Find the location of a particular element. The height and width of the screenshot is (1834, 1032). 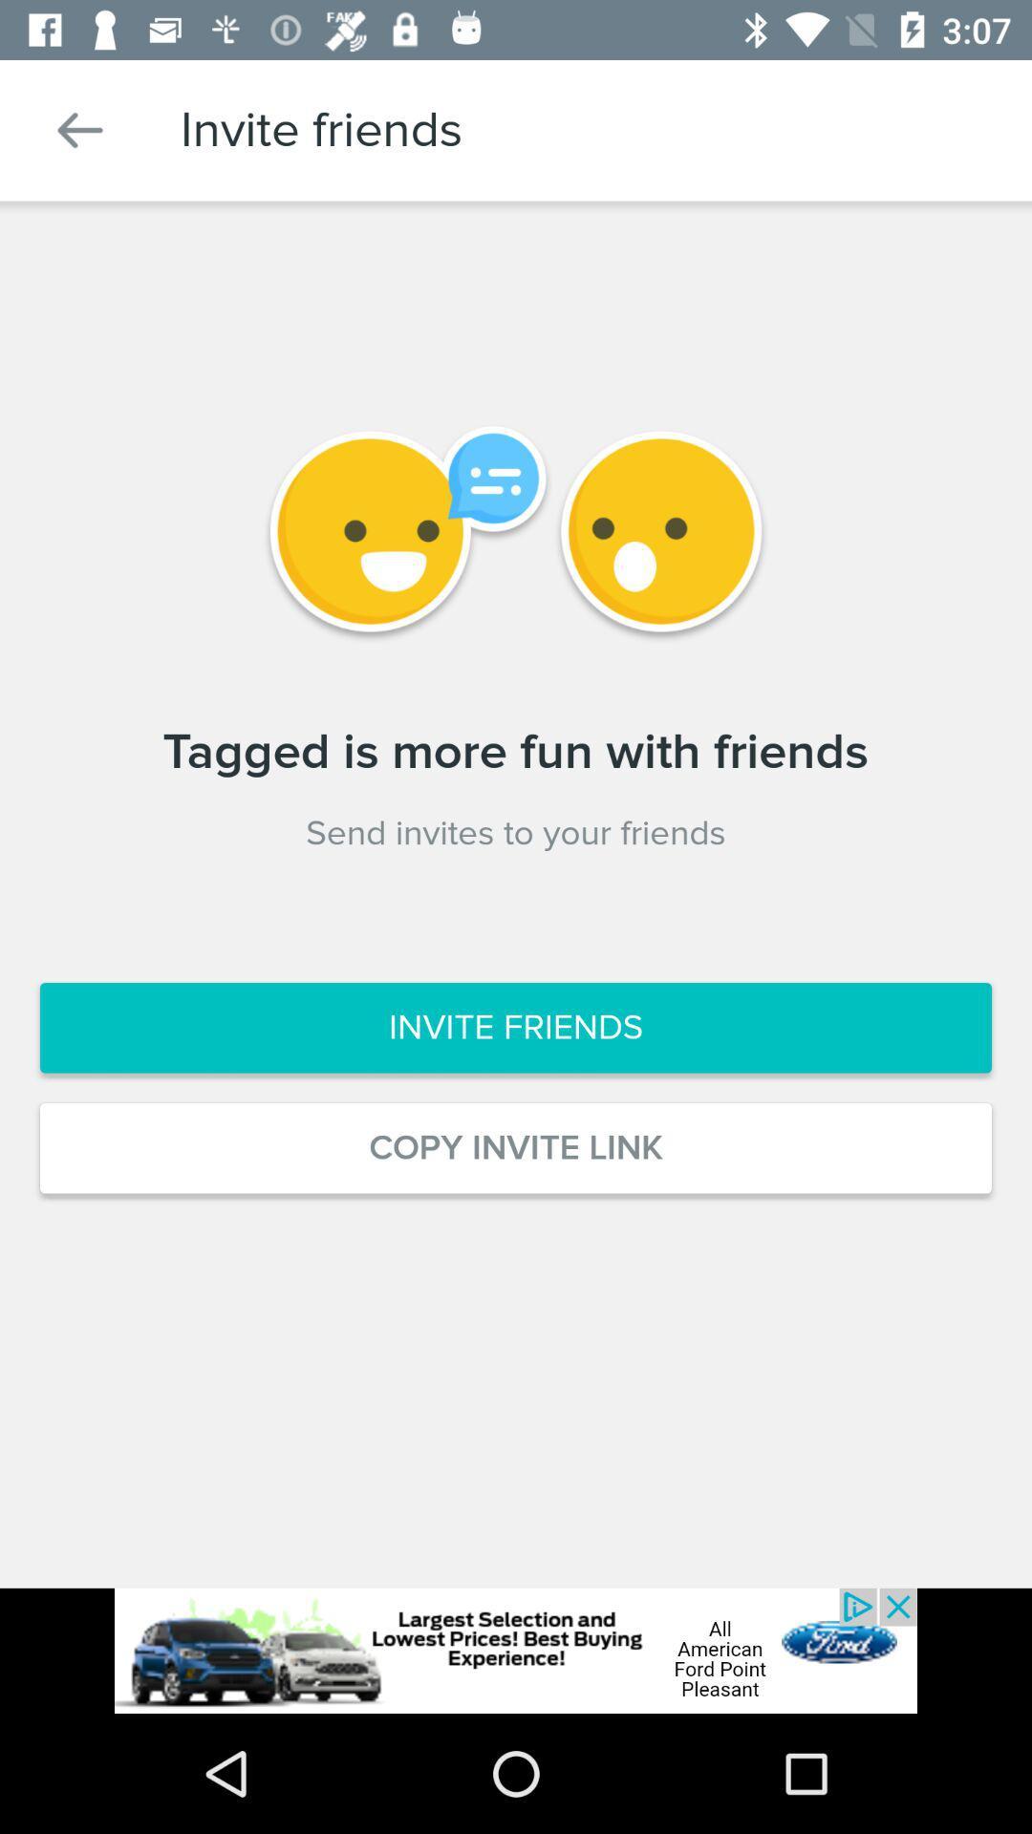

click on advertisement is located at coordinates (516, 1650).